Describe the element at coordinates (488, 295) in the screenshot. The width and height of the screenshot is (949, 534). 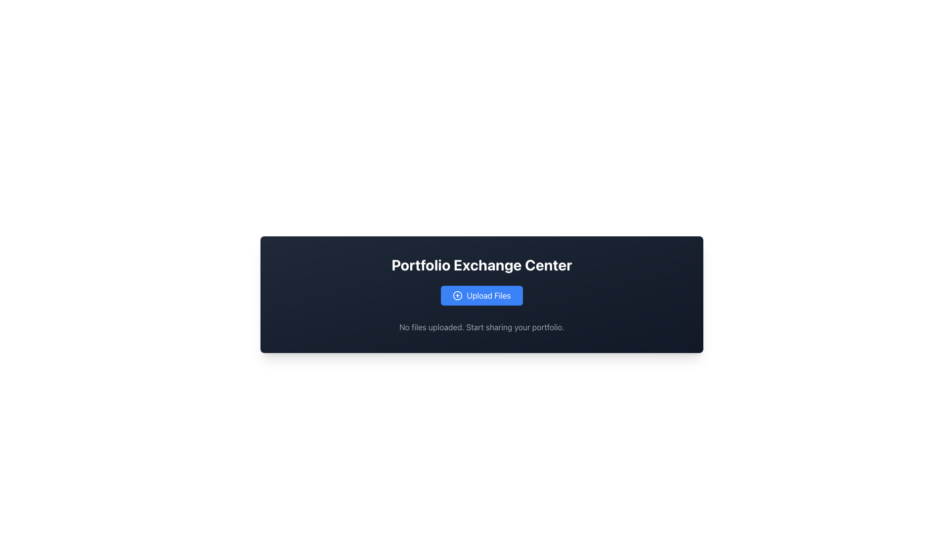
I see `the 'Upload Files' text label which is displayed in white on a blue button with rounded corners, located centrally near the bottom center of the interface` at that location.